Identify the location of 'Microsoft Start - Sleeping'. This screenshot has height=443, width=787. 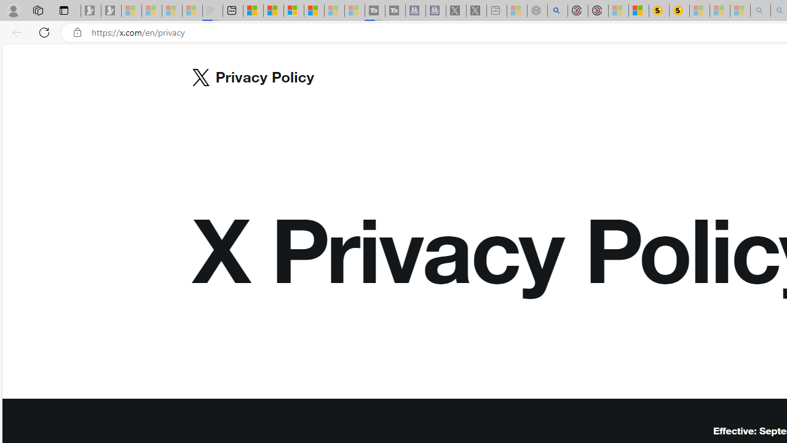
(334, 10).